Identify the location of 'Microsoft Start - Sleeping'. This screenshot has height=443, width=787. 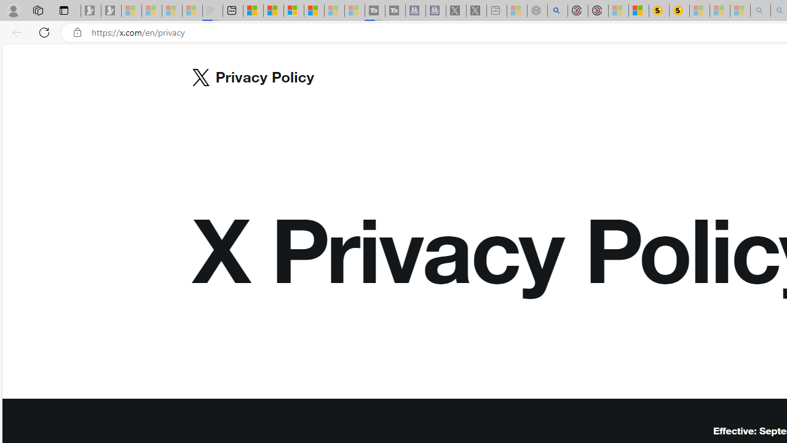
(334, 10).